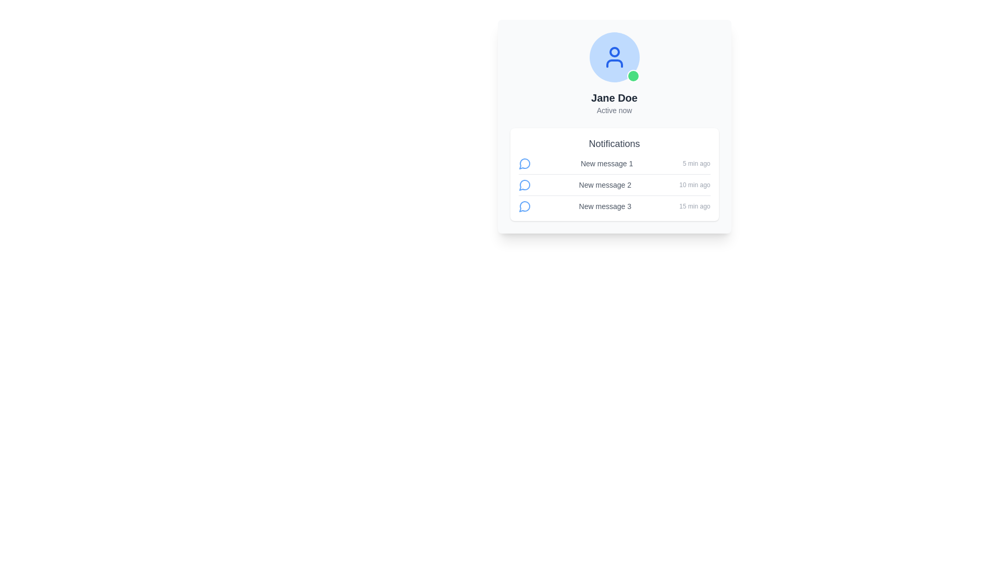  What do you see at coordinates (614, 184) in the screenshot?
I see `the second notification item` at bounding box center [614, 184].